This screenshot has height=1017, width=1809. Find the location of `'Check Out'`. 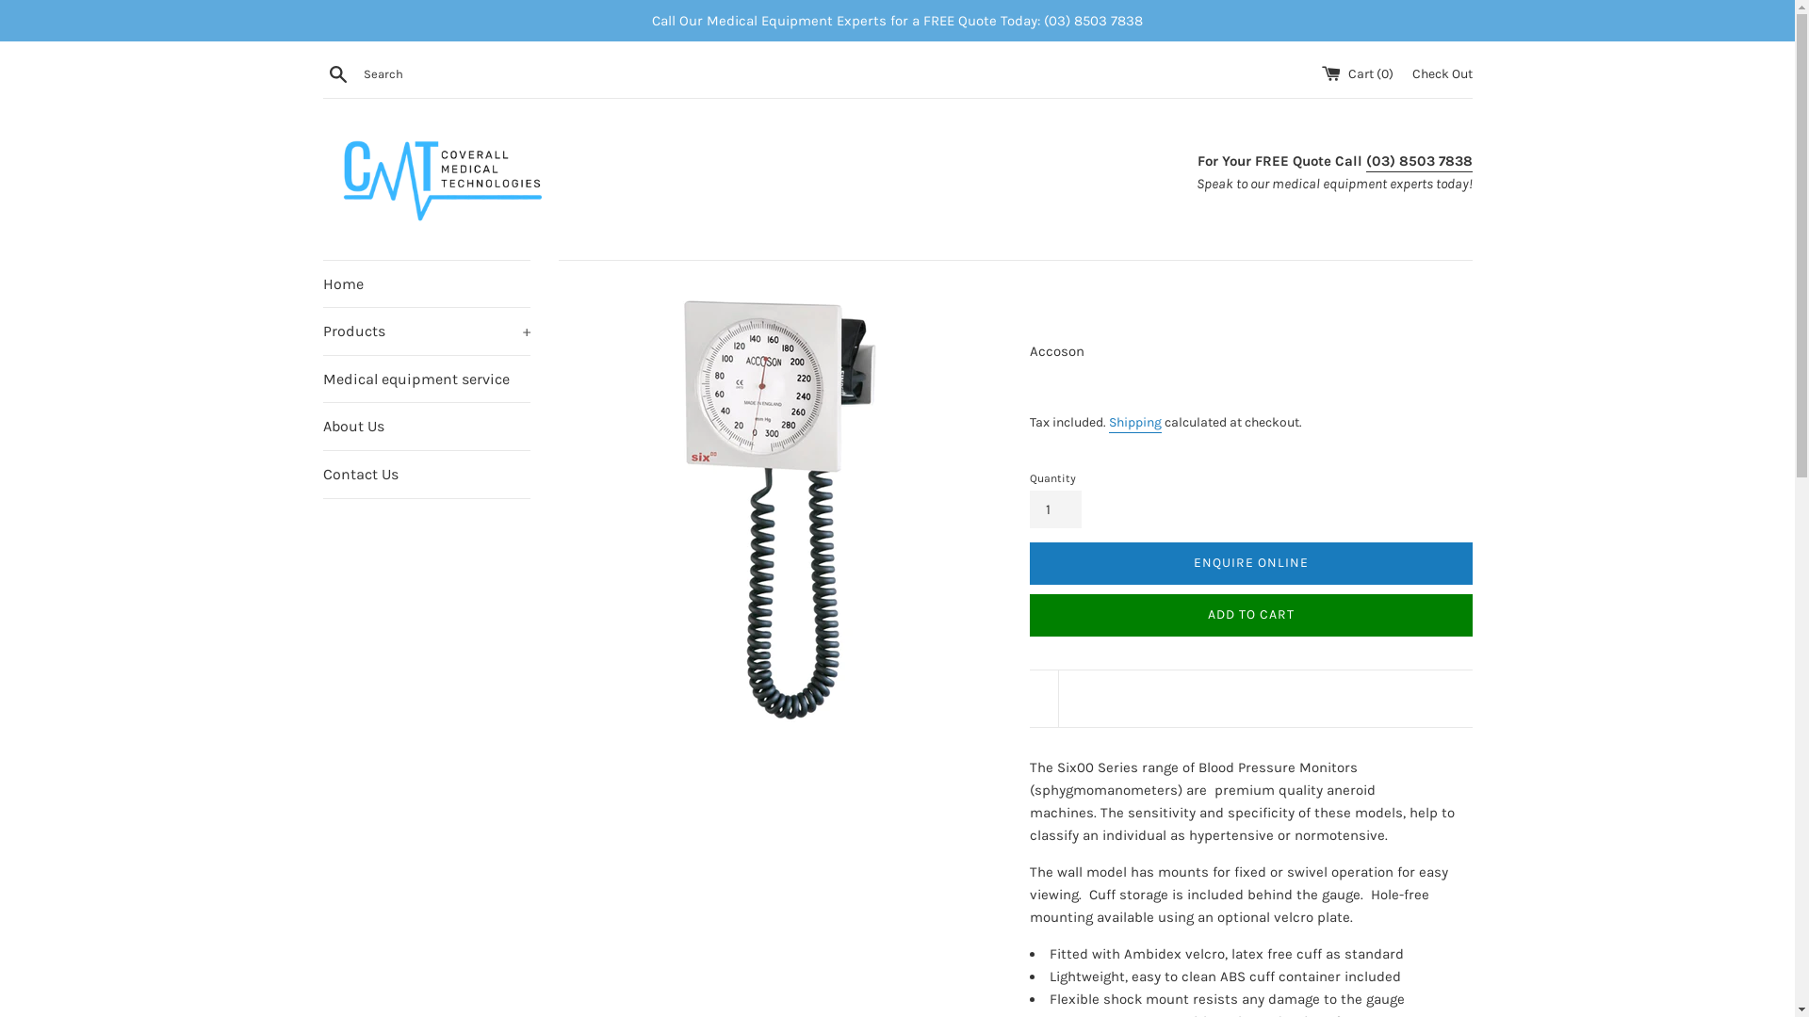

'Check Out' is located at coordinates (1441, 72).